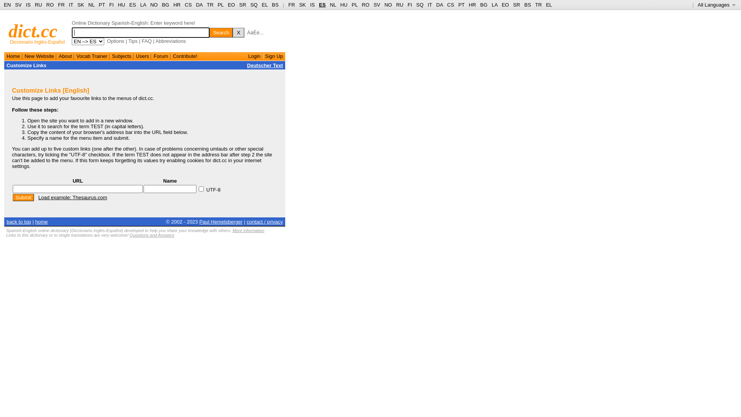 This screenshot has width=741, height=417. What do you see at coordinates (312, 5) in the screenshot?
I see `'IS'` at bounding box center [312, 5].